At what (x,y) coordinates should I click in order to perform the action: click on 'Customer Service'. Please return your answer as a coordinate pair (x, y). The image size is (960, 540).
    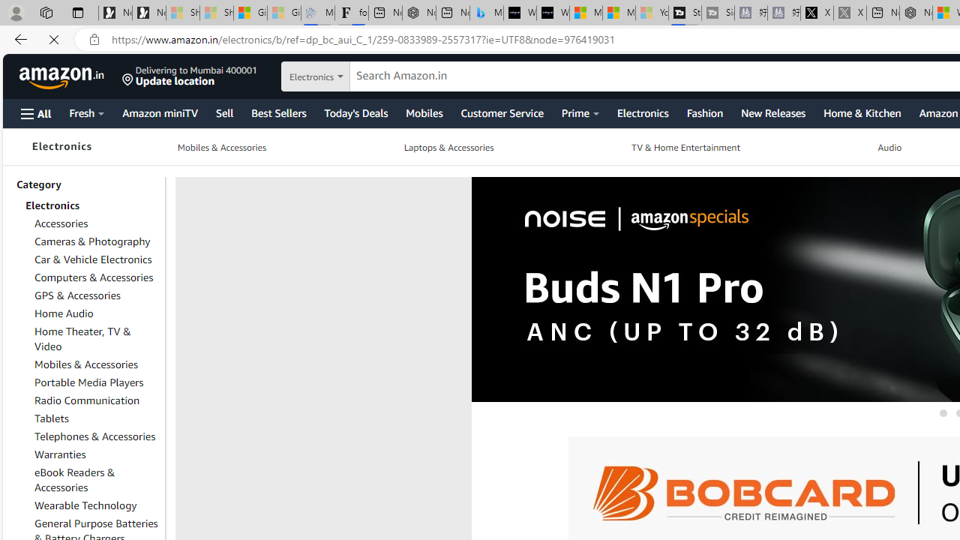
    Looking at the image, I should click on (502, 112).